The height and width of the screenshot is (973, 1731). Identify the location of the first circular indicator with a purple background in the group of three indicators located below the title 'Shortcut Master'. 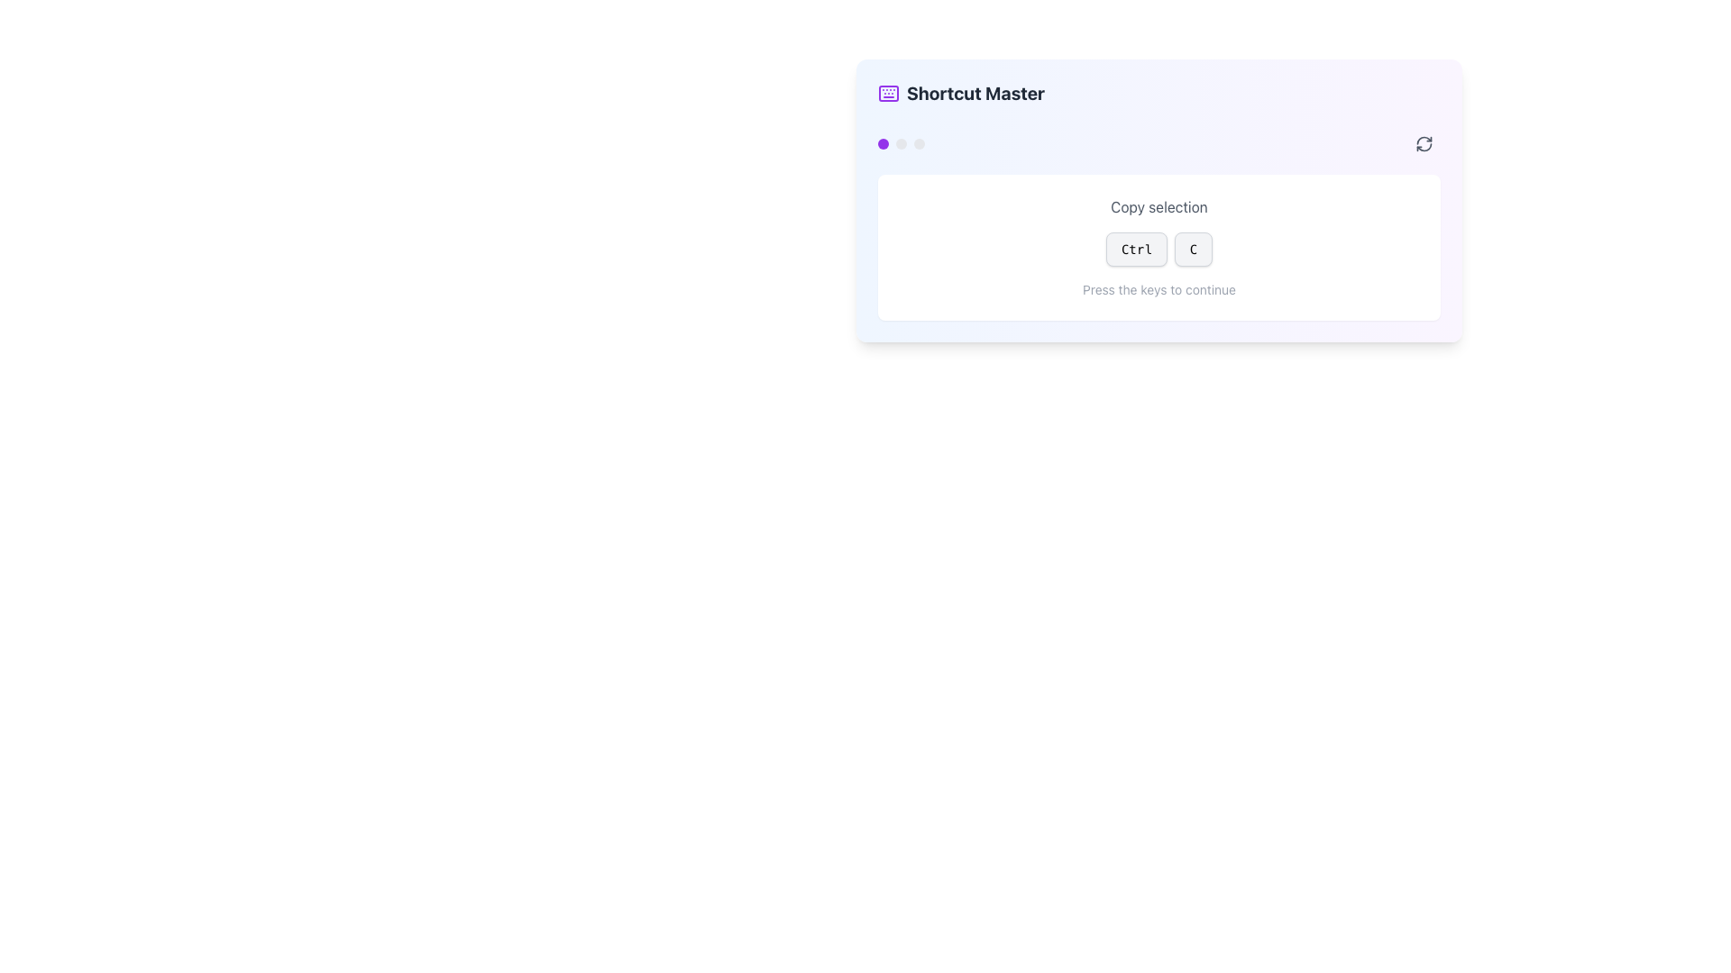
(883, 142).